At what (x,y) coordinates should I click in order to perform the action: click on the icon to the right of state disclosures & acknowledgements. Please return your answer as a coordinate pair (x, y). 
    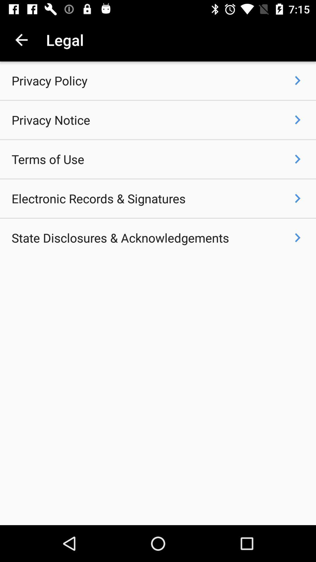
    Looking at the image, I should click on (298, 238).